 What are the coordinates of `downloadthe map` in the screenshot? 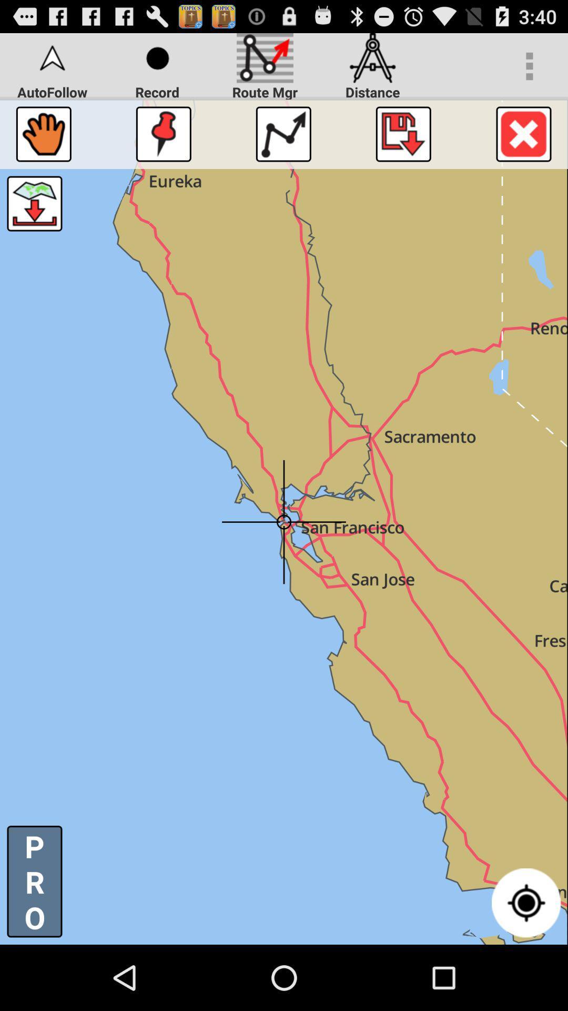 It's located at (403, 133).